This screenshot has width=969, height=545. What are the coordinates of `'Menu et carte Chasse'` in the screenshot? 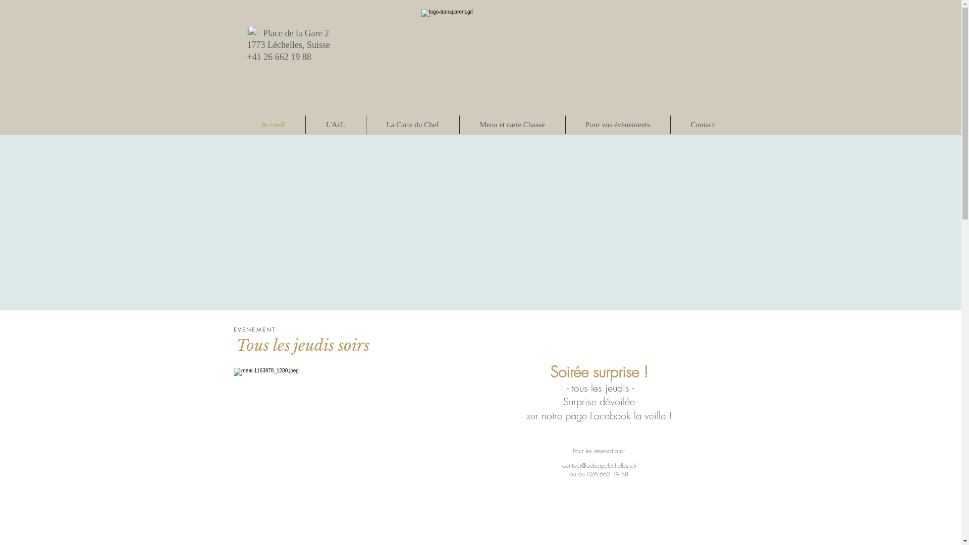 It's located at (512, 124).